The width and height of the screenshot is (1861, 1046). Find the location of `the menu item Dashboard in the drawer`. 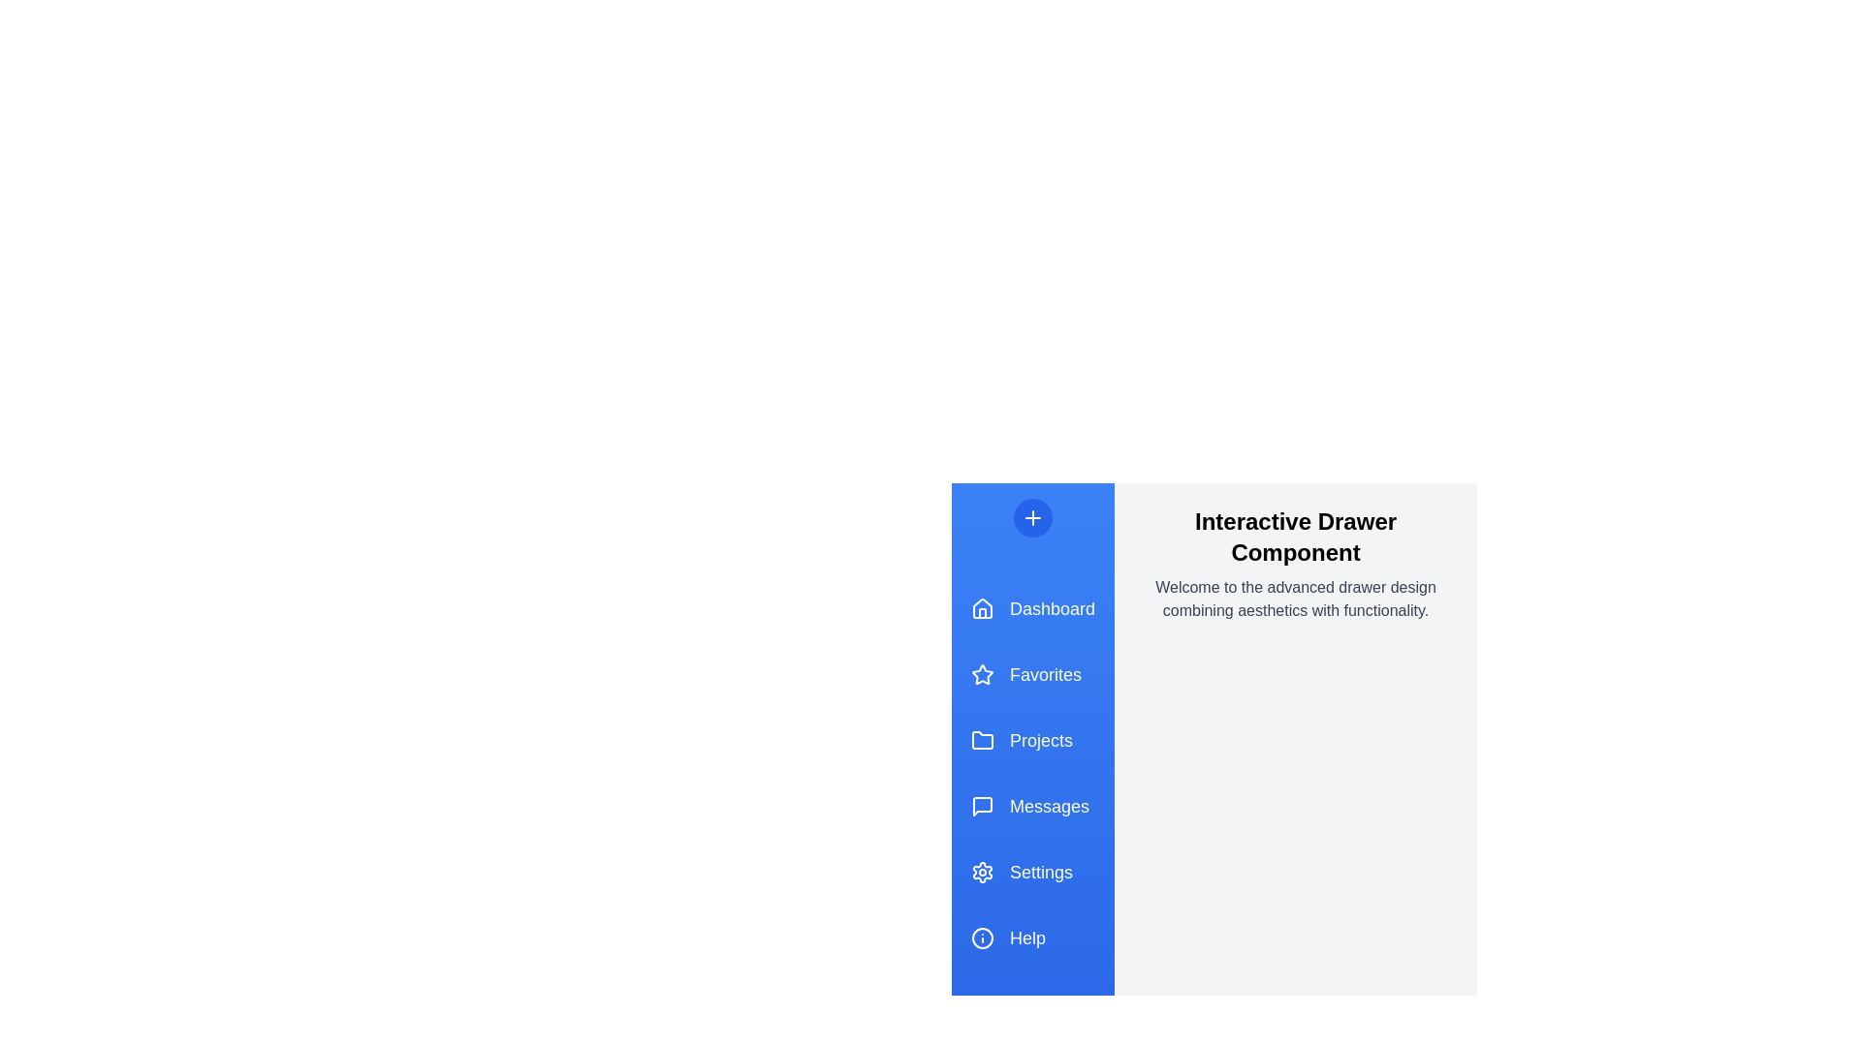

the menu item Dashboard in the drawer is located at coordinates (1031, 607).